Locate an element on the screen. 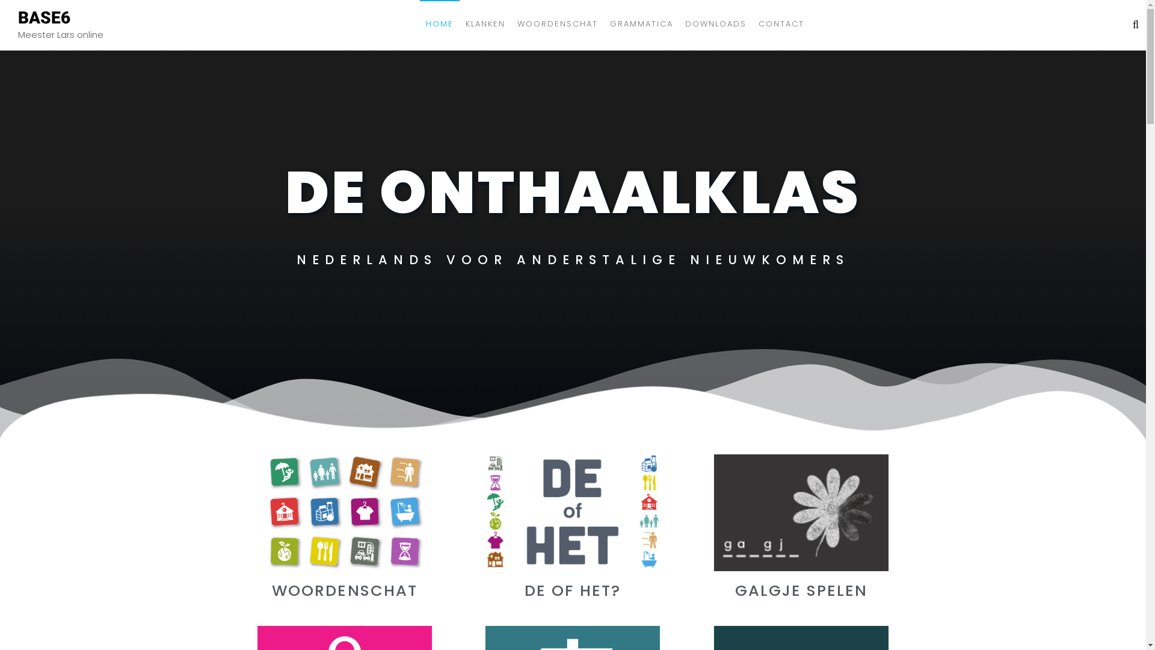 Image resolution: width=1155 pixels, height=650 pixels. 'WOORDENSCHAT' is located at coordinates (556, 23).